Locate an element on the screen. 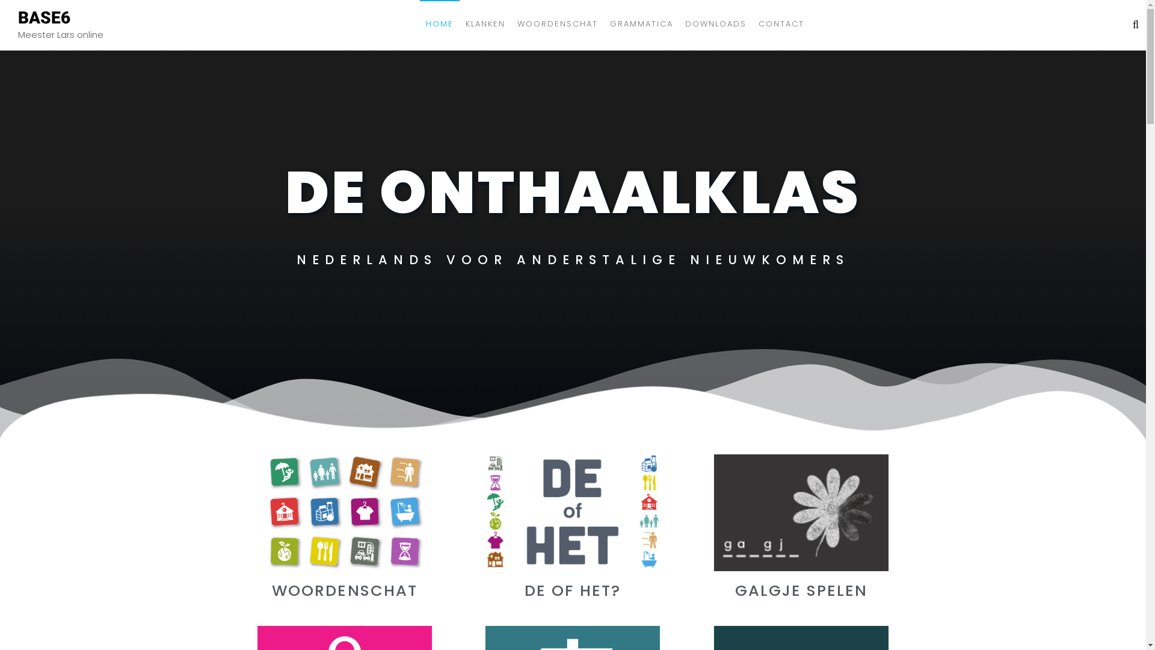 Image resolution: width=1155 pixels, height=650 pixels. 'WOORDENSCHAT' is located at coordinates (556, 23).